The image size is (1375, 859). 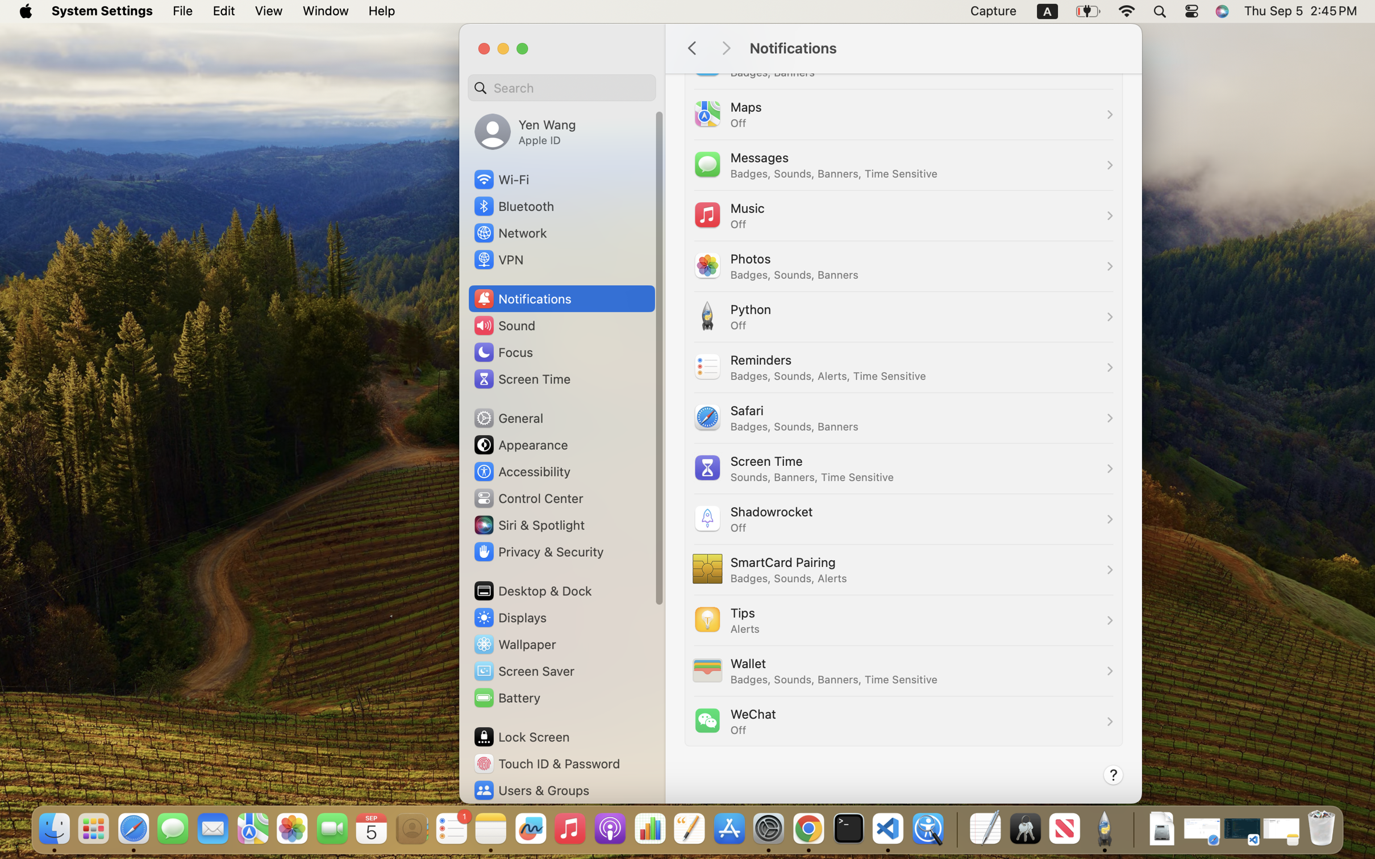 What do you see at coordinates (503, 324) in the screenshot?
I see `'Sound'` at bounding box center [503, 324].